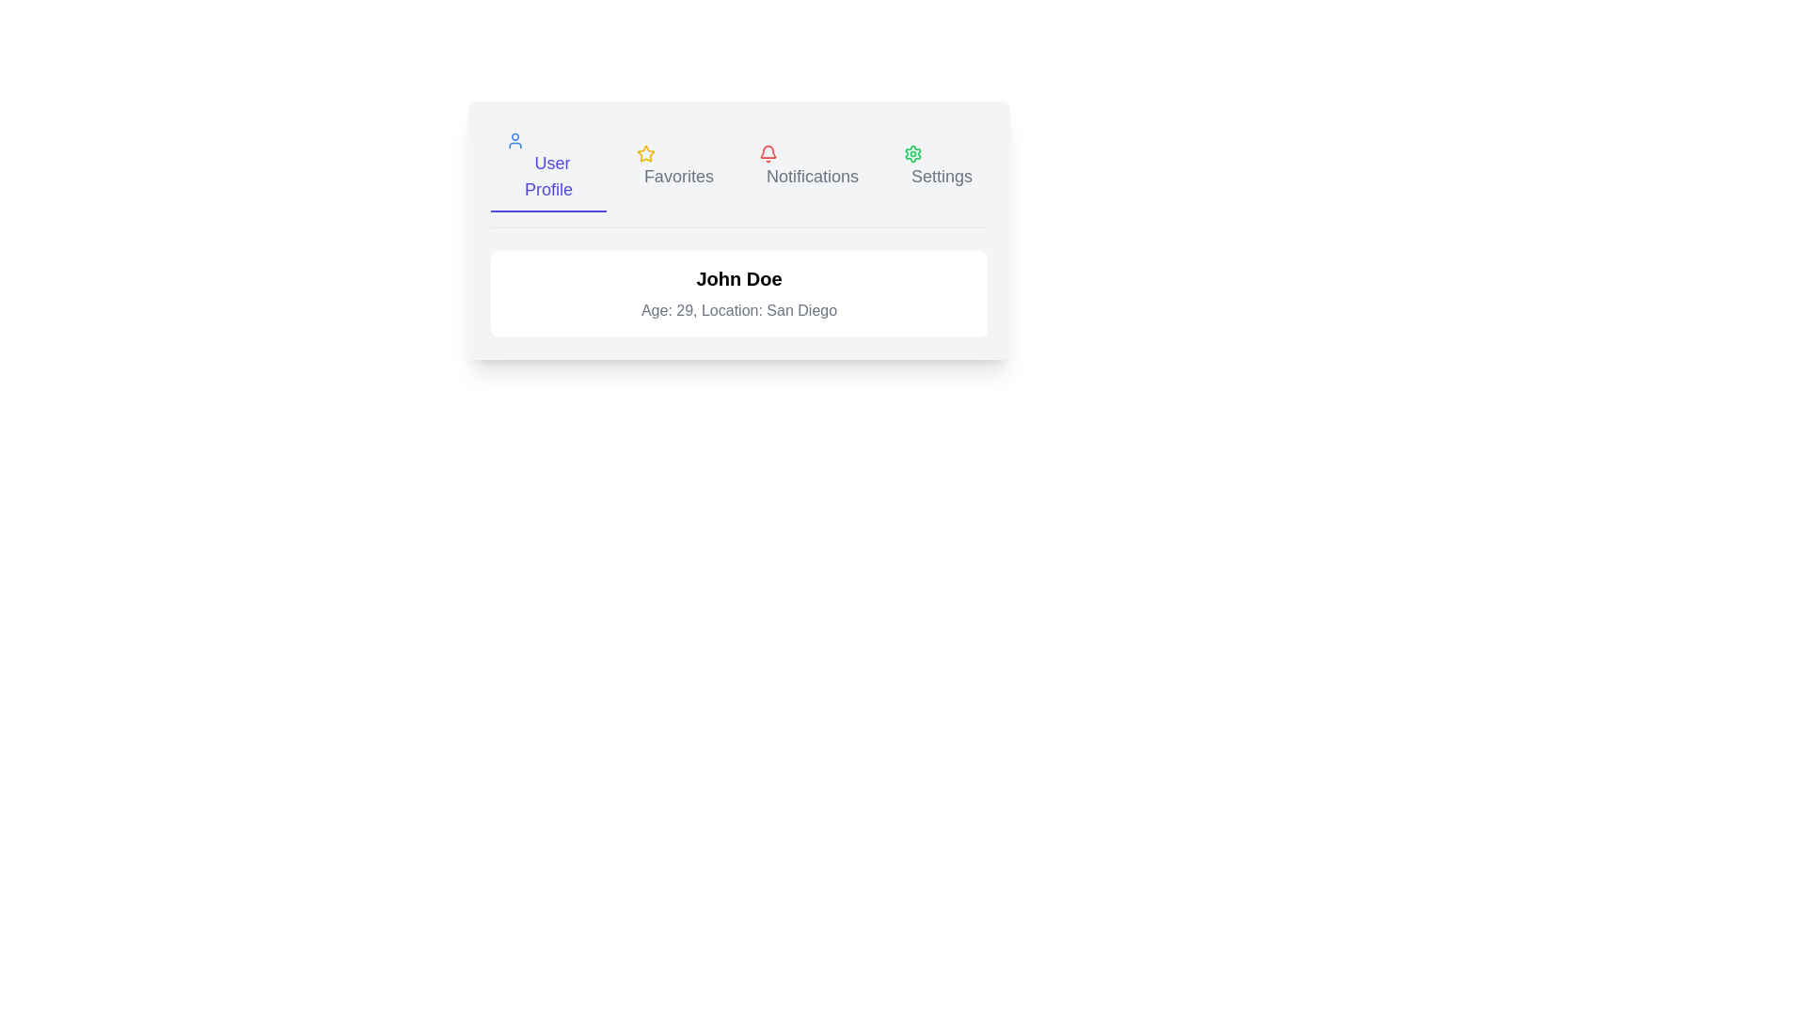  What do you see at coordinates (645, 152) in the screenshot?
I see `the star-shaped icon filled partially with yellow, which is the second element from the left in the navigation bar used to indicate a favorite or rating option` at bounding box center [645, 152].